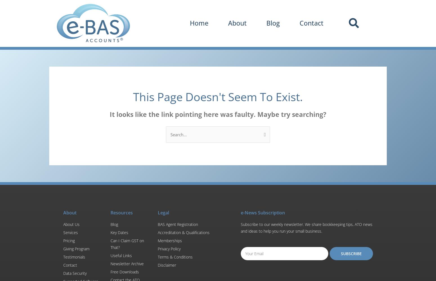 The height and width of the screenshot is (281, 436). Describe the element at coordinates (163, 212) in the screenshot. I see `'Legal'` at that location.